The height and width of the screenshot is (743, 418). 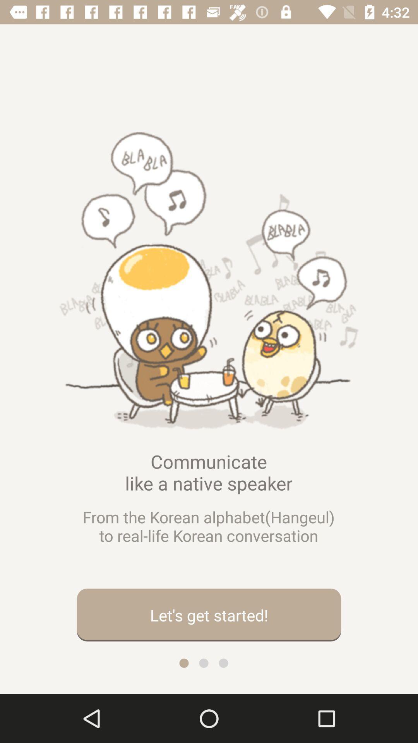 What do you see at coordinates (209, 615) in the screenshot?
I see `let s get button` at bounding box center [209, 615].